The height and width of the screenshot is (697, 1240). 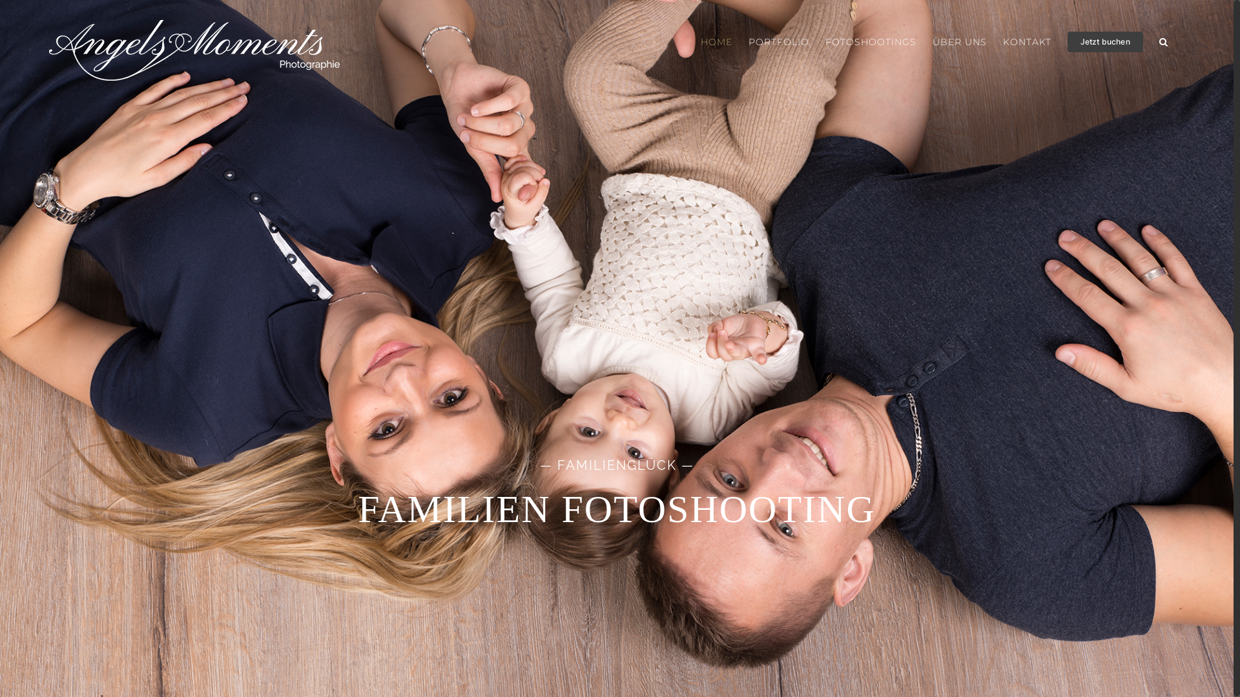 I want to click on 'FOTOSHOOTINGS', so click(x=871, y=41).